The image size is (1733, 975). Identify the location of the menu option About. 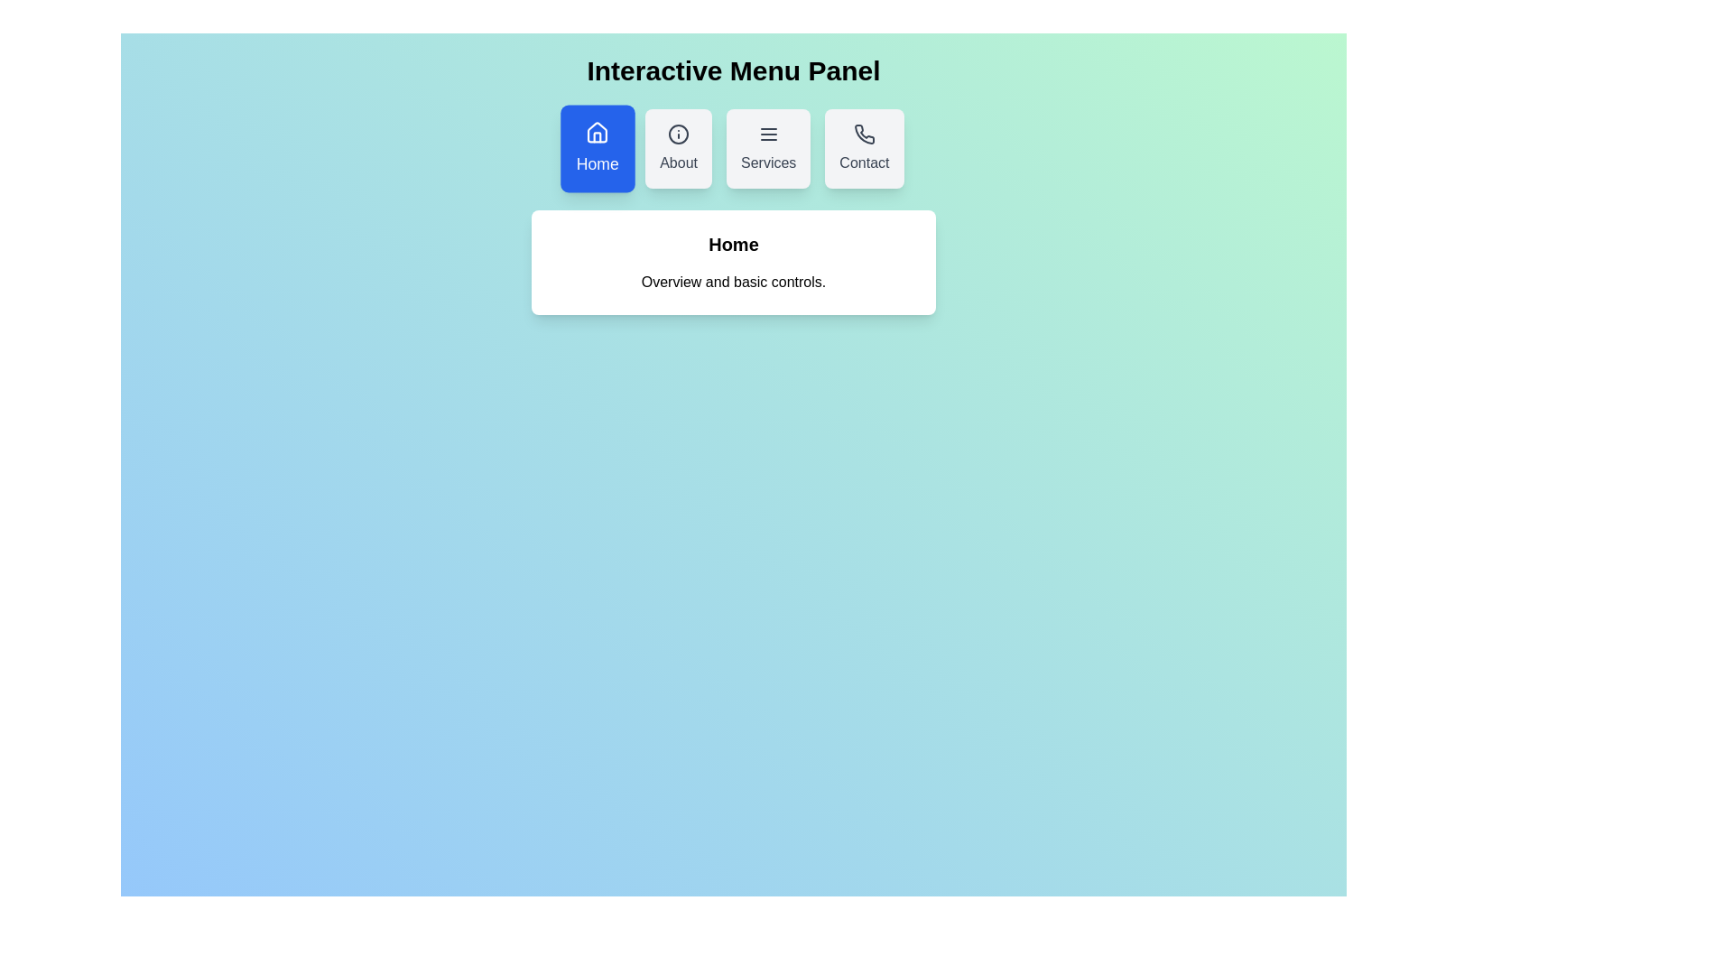
(678, 148).